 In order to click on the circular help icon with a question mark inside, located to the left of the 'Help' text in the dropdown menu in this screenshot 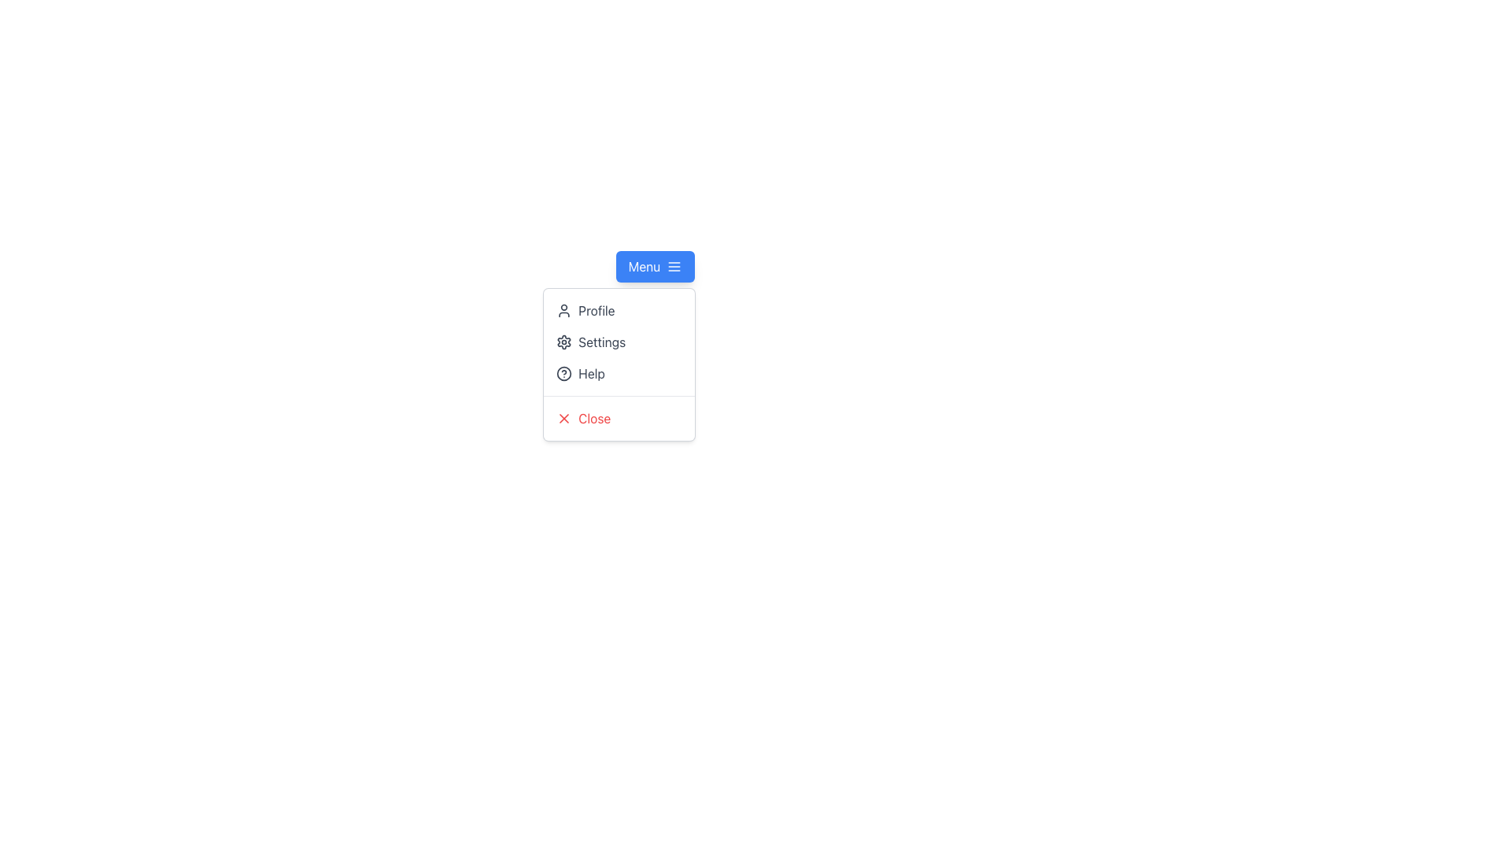, I will do `click(563, 373)`.